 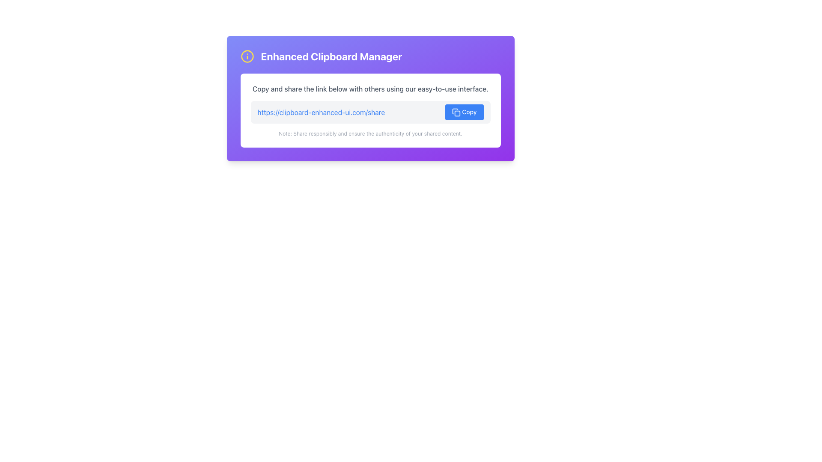 I want to click on the text label that serves as a title or heading for the displayed interface component, located slightly to the right of the center of the interface region, so click(x=331, y=56).